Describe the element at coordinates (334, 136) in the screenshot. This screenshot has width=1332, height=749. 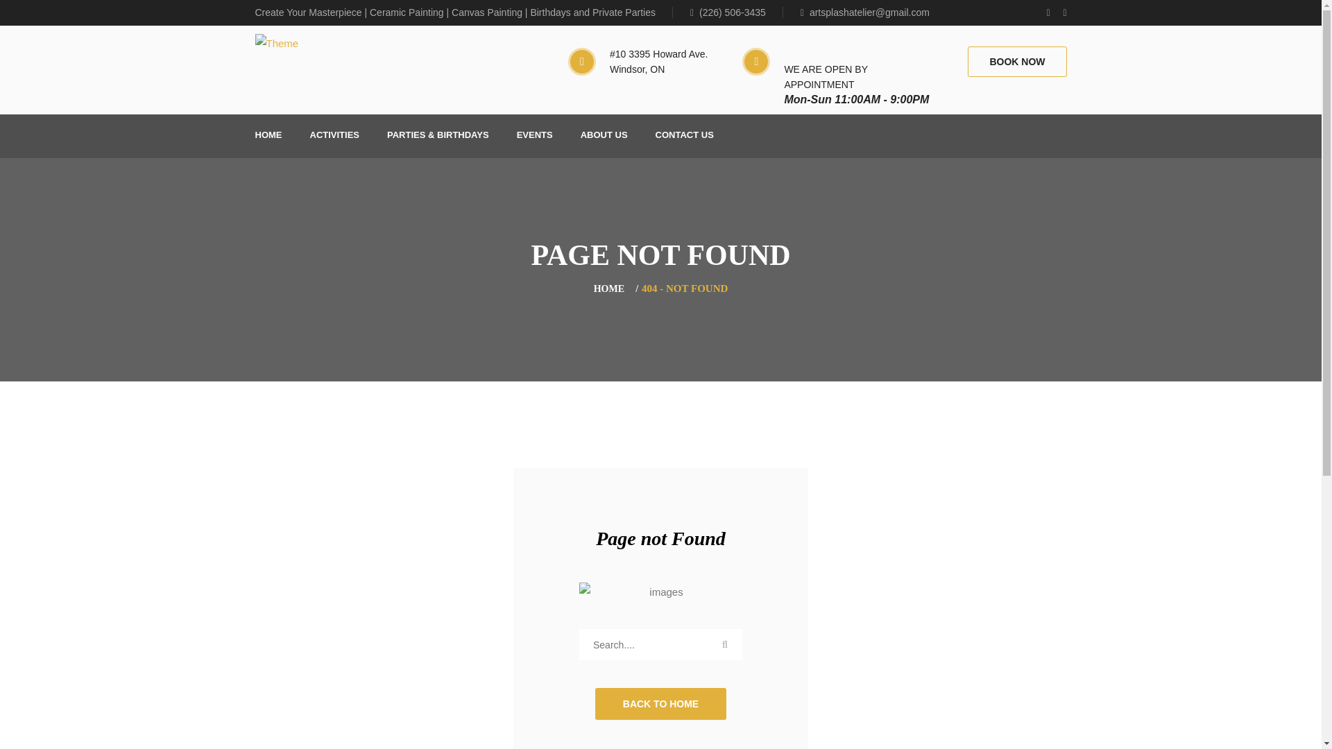
I see `'ACTIVITIES'` at that location.